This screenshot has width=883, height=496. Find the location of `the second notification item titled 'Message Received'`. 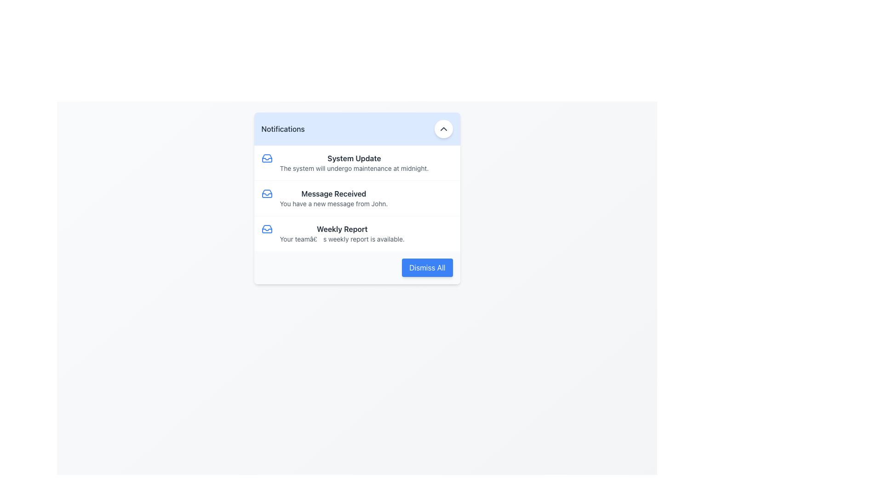

the second notification item titled 'Message Received' is located at coordinates (356, 198).